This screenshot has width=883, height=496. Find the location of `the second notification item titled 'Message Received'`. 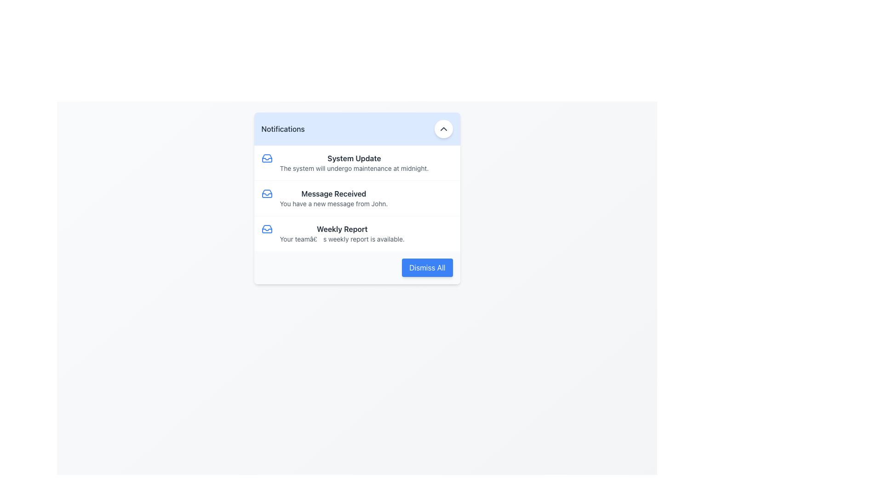

the second notification item titled 'Message Received' is located at coordinates (356, 198).